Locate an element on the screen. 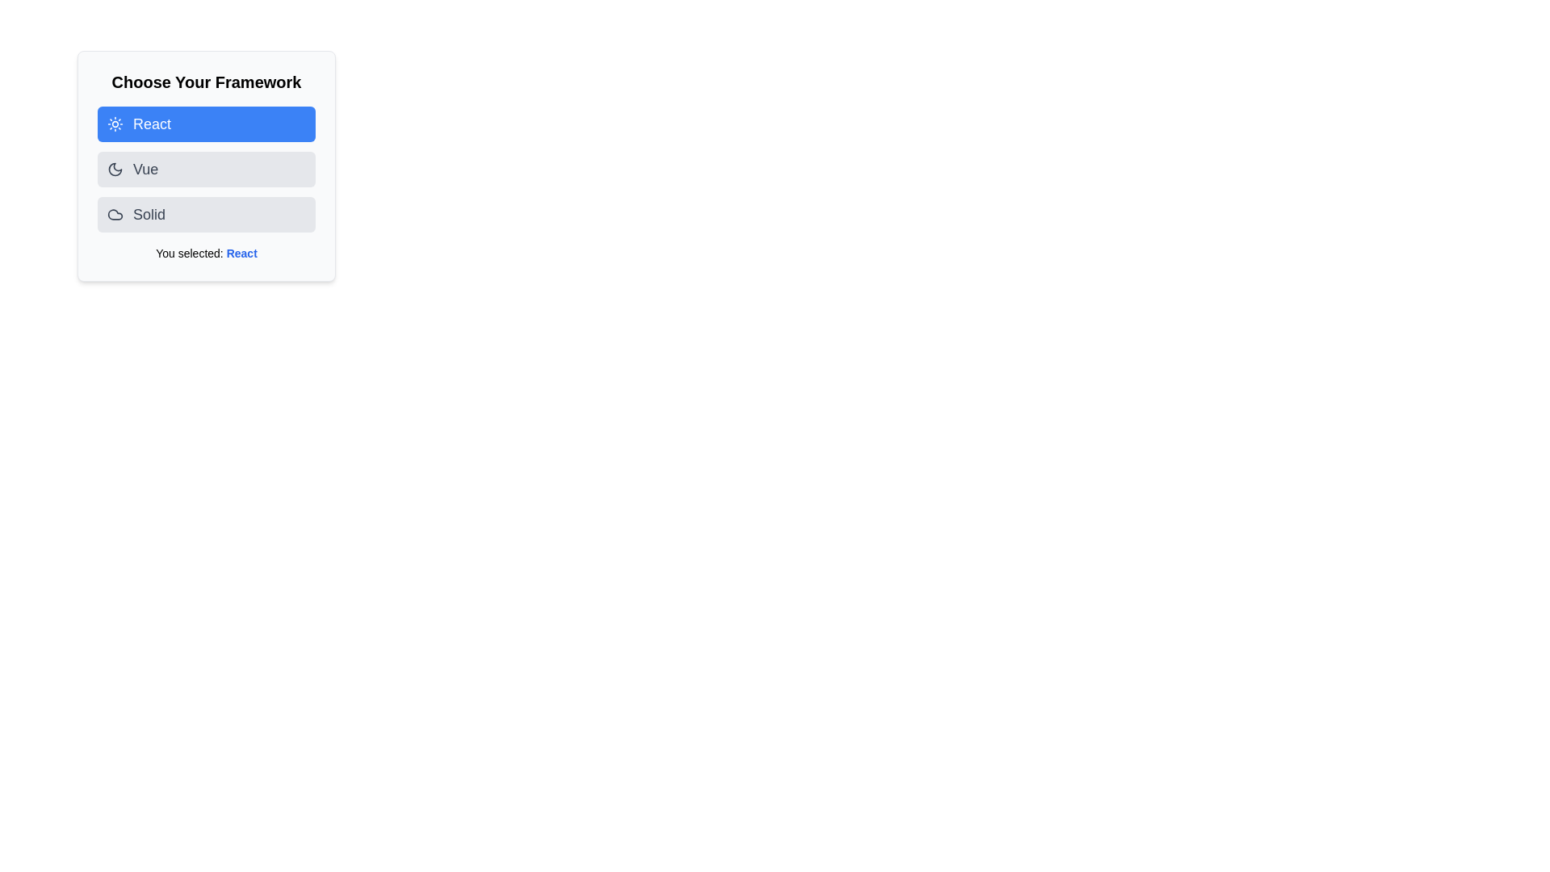 This screenshot has height=872, width=1550. text content of the 'React' label, which is displayed in a large font on a blue background within the first option of a vertical list of framework choices is located at coordinates (152, 124).